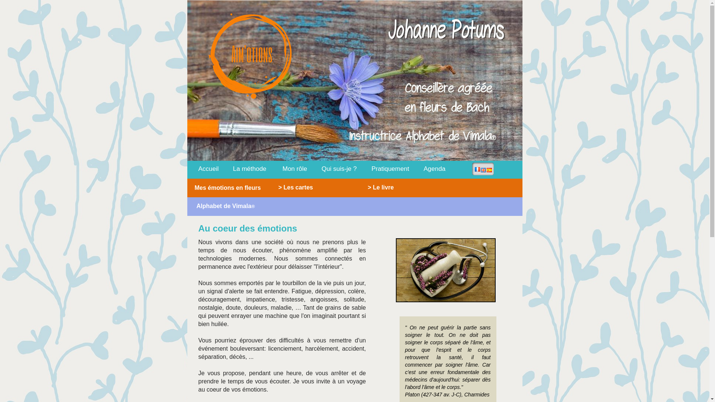 This screenshot has width=715, height=402. Describe the element at coordinates (390, 168) in the screenshot. I see `'Pratiquement'` at that location.